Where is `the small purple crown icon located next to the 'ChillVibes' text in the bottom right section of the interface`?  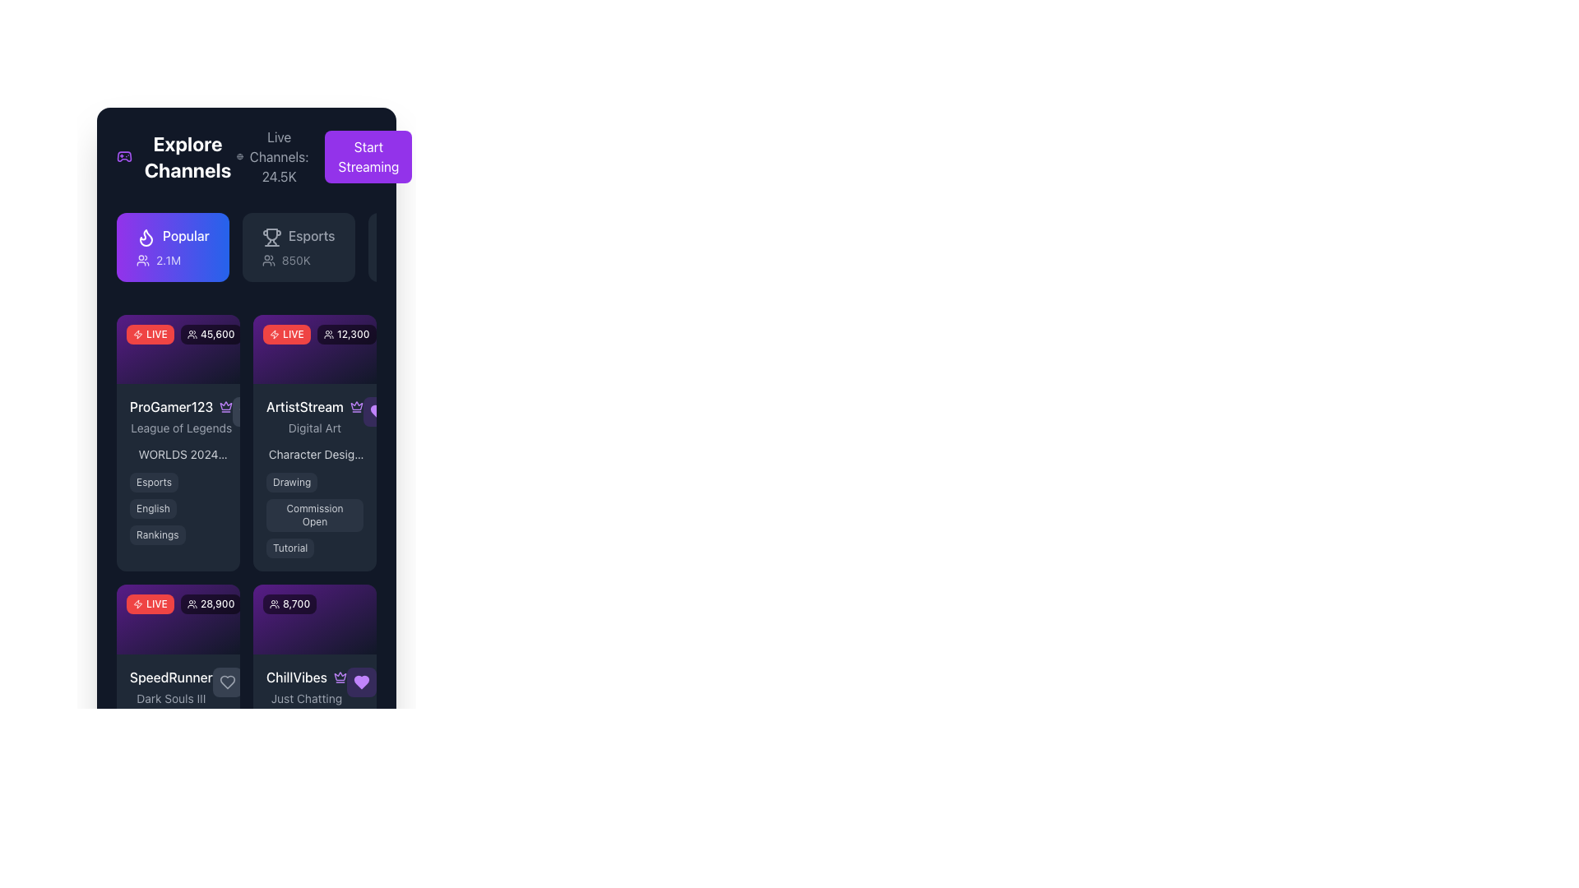
the small purple crown icon located next to the 'ChillVibes' text in the bottom right section of the interface is located at coordinates (339, 677).